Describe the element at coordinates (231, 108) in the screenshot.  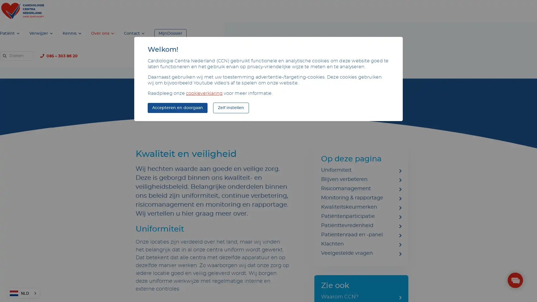
I see `Zelf instellen` at that location.